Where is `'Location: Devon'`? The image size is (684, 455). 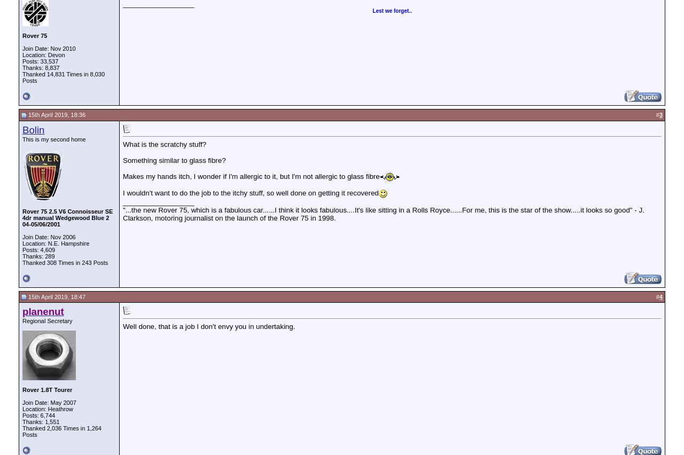 'Location: Devon' is located at coordinates (43, 54).